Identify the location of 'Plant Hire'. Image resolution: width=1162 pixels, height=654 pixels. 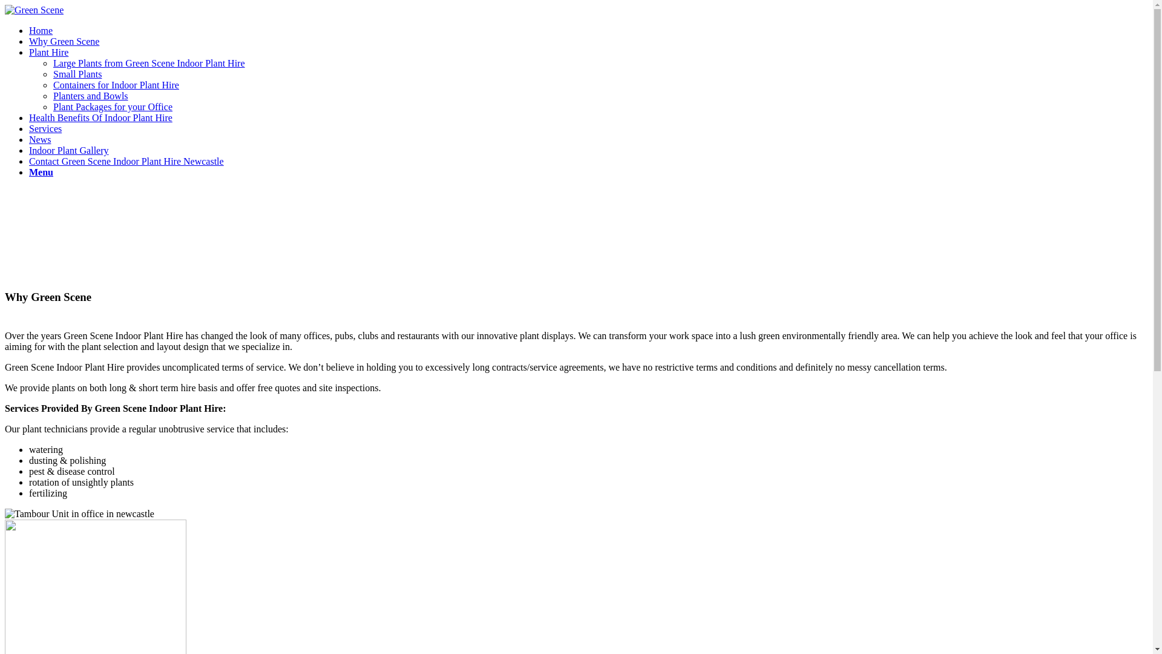
(48, 51).